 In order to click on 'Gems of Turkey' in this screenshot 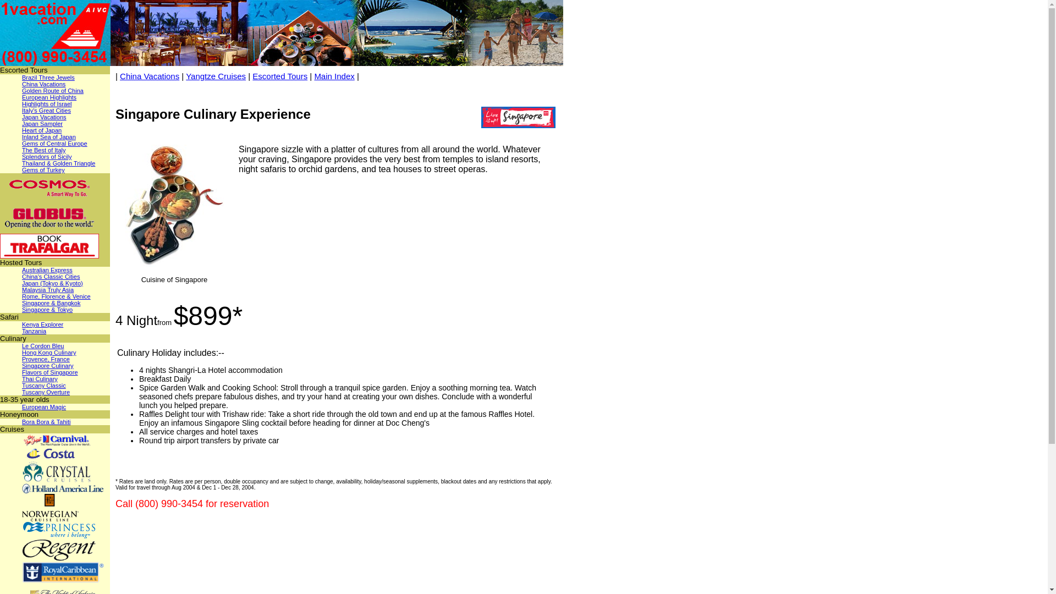, I will do `click(43, 169)`.